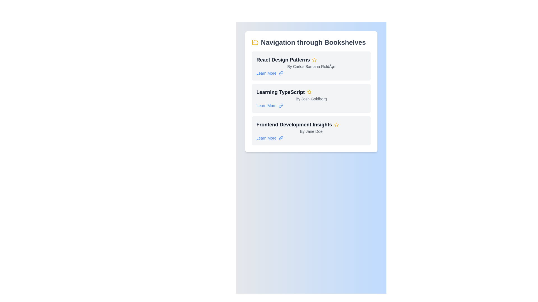 The image size is (538, 302). I want to click on the text label displaying the author's name 'Josh Goldberg', located beneath the title 'Learning TypeScript' and above the 'Learn More' link, so click(311, 99).